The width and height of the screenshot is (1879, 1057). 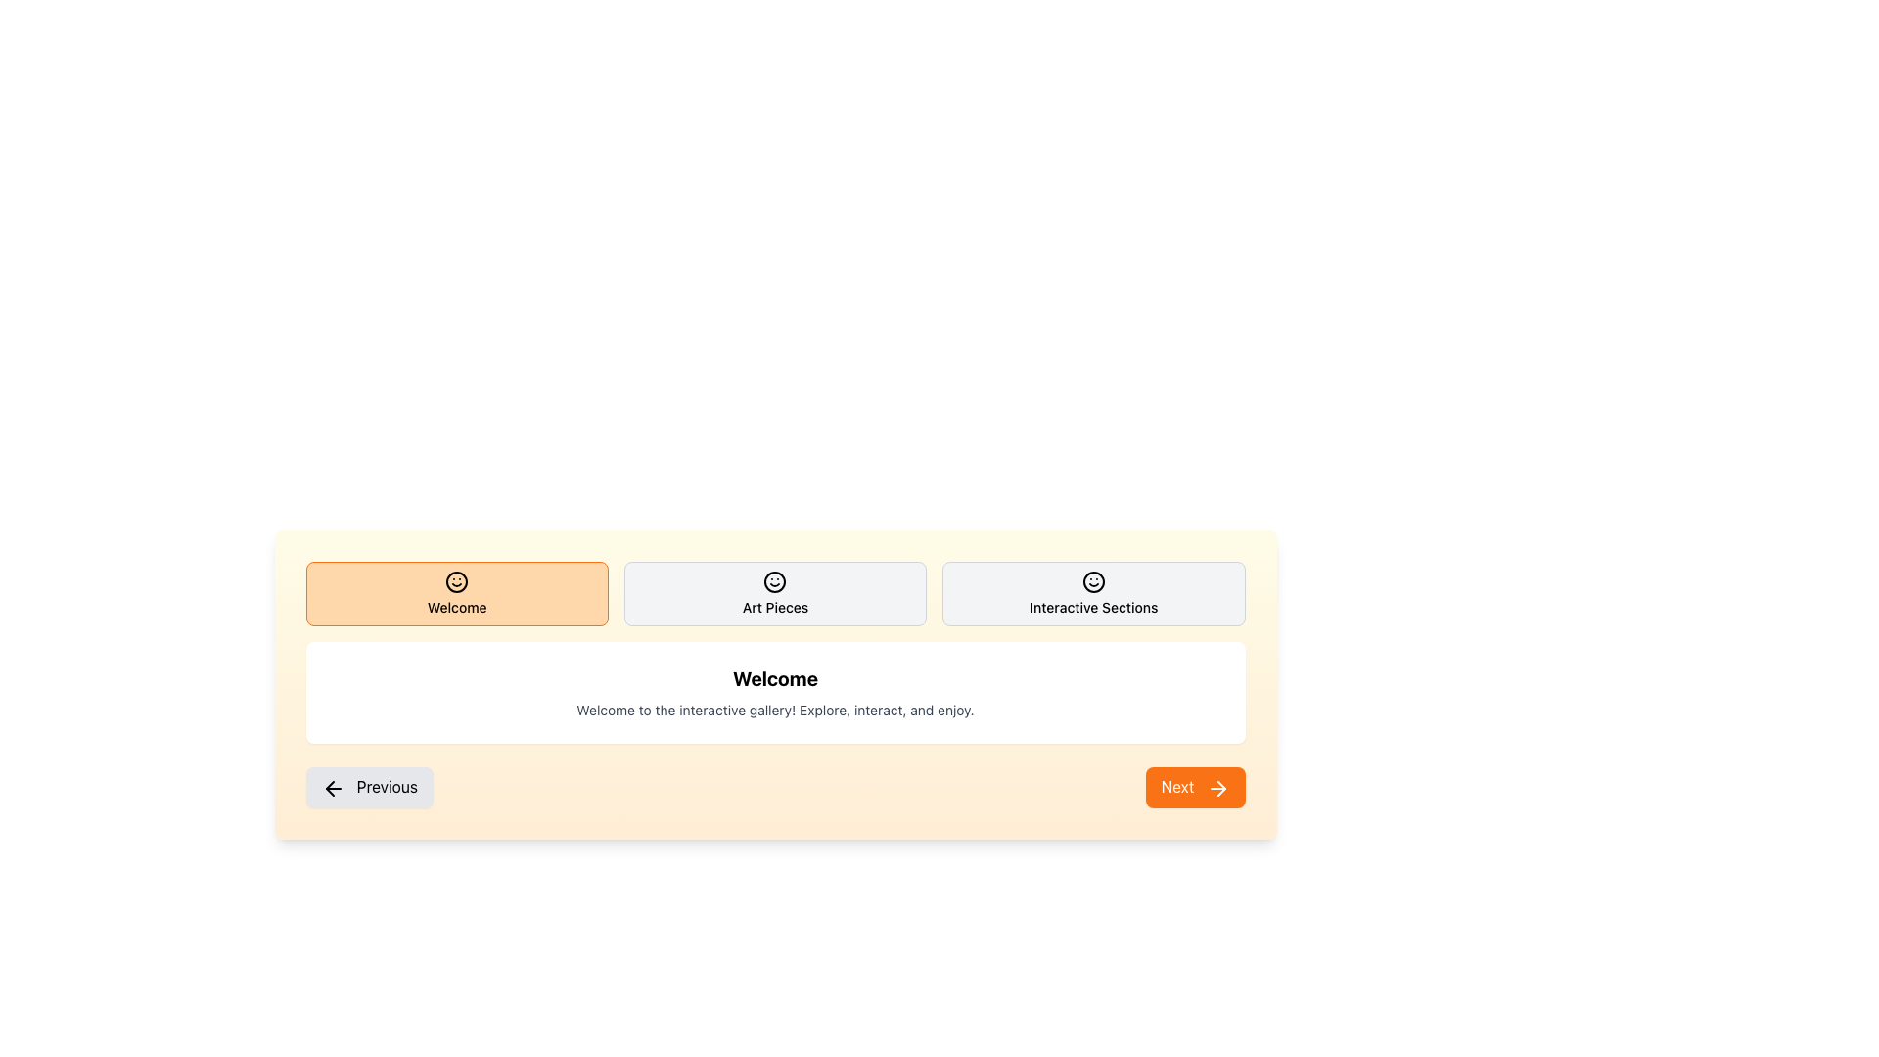 I want to click on the leftmost button with an orange background and a smiling face icon labeled 'Welcome', so click(x=456, y=592).